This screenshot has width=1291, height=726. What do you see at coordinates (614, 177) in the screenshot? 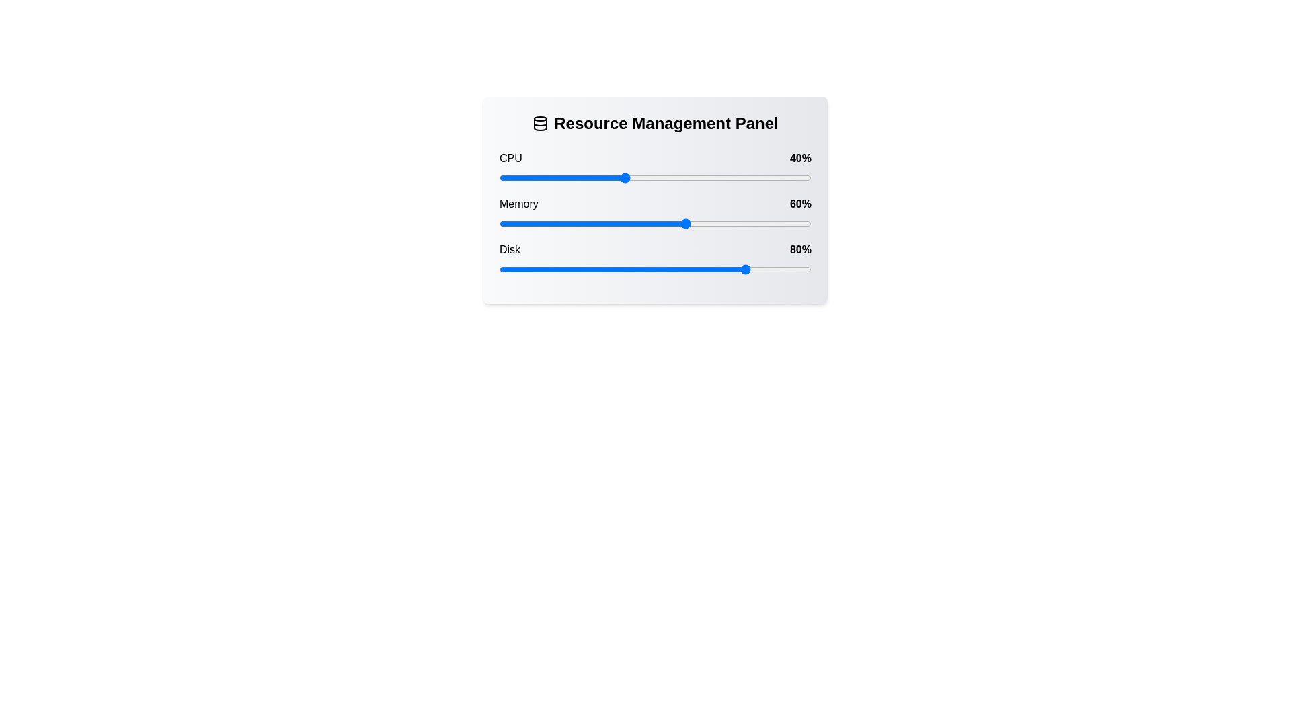
I see `the CPU slider to 37%` at bounding box center [614, 177].